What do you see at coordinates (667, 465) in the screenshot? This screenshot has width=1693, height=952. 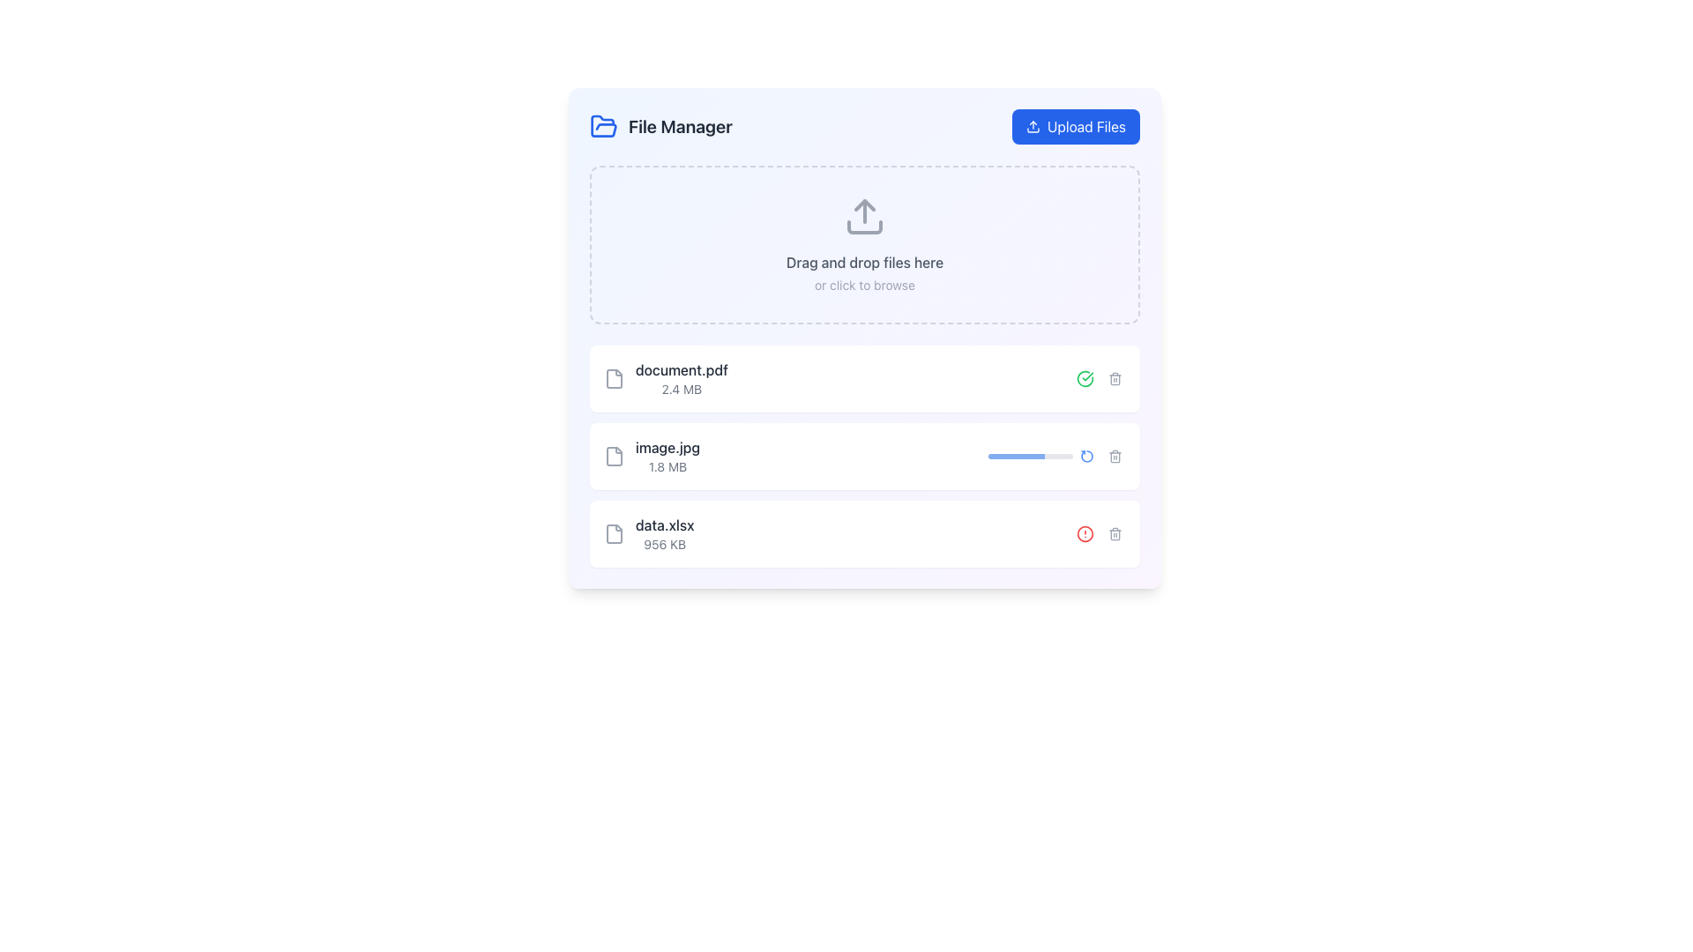 I see `the text label displaying '1.8 MB', which is styled in a small gray font and located directly beneath the 'image.jpg' filename in the file list interface` at bounding box center [667, 465].